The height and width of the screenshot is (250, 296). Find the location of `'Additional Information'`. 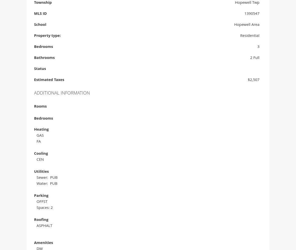

'Additional Information' is located at coordinates (62, 93).